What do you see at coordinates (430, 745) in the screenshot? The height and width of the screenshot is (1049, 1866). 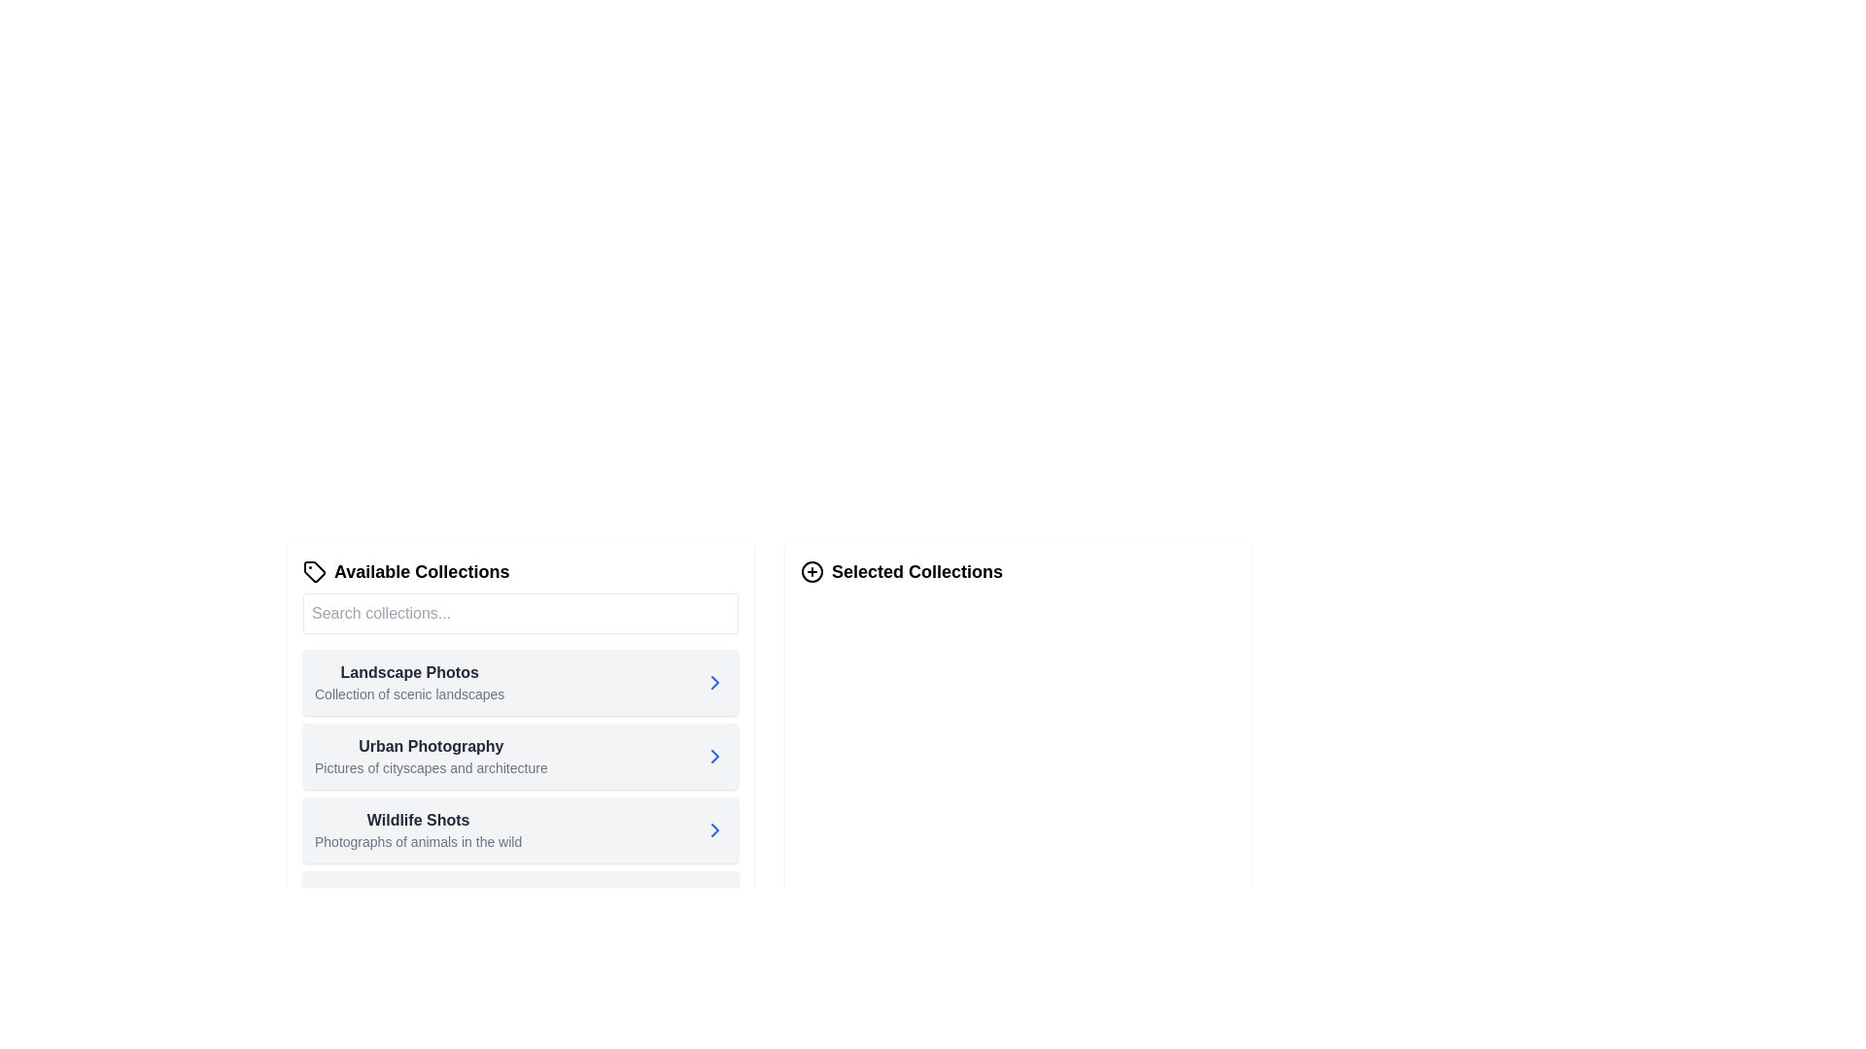 I see `the 'Urban Photography' text label, which serves as a title for a collection category` at bounding box center [430, 745].